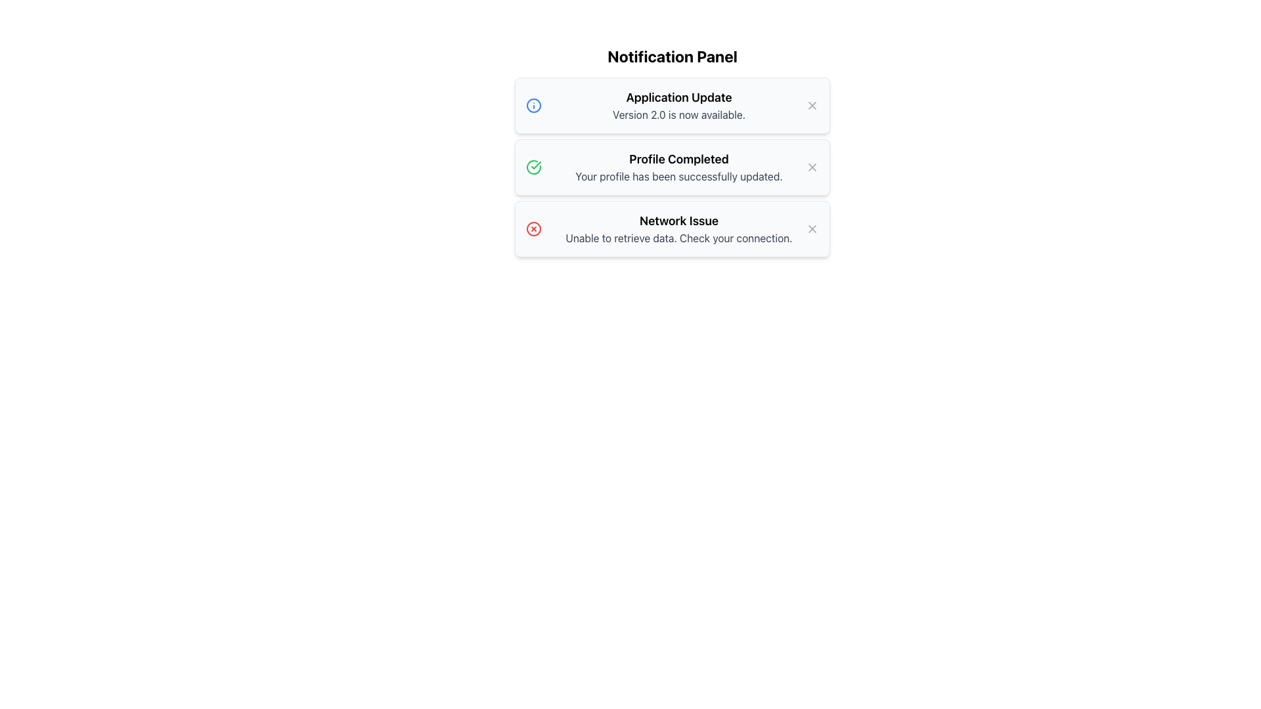 This screenshot has height=709, width=1261. Describe the element at coordinates (536, 164) in the screenshot. I see `the green checkmark icon in the notification panel, which represents confirmation or completed status` at that location.